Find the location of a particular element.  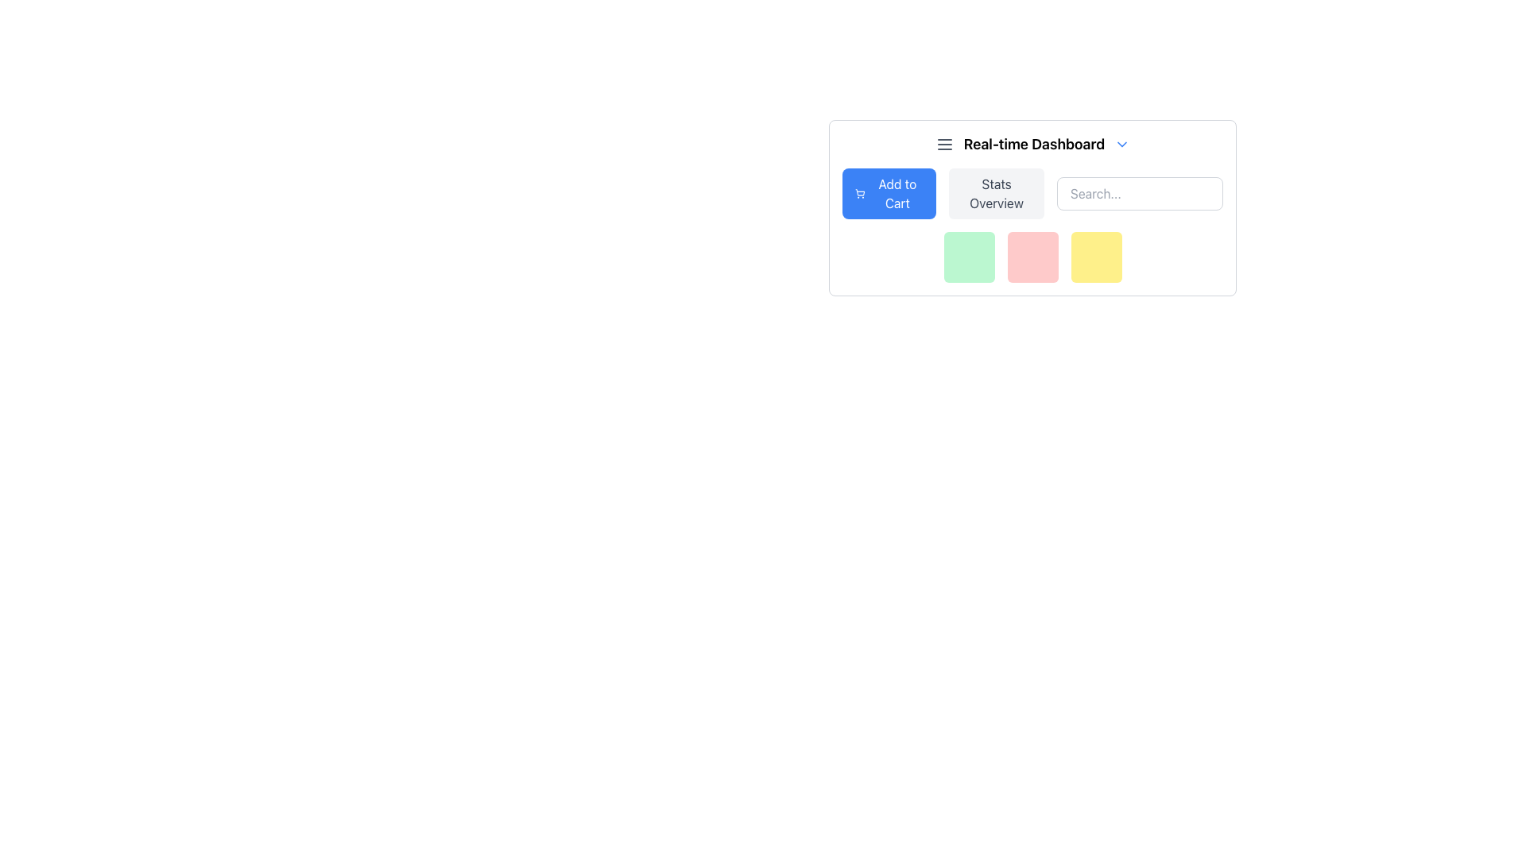

the third square visual placeholder in the lower-center region of the dashboard layout, which is non-interactive and serves as a decorative component is located at coordinates (1095, 257).